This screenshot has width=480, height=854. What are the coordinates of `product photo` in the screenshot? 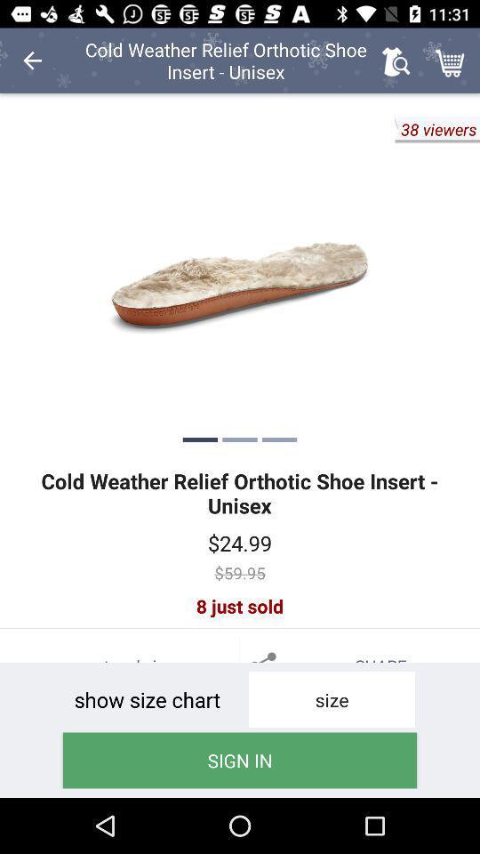 It's located at (240, 275).